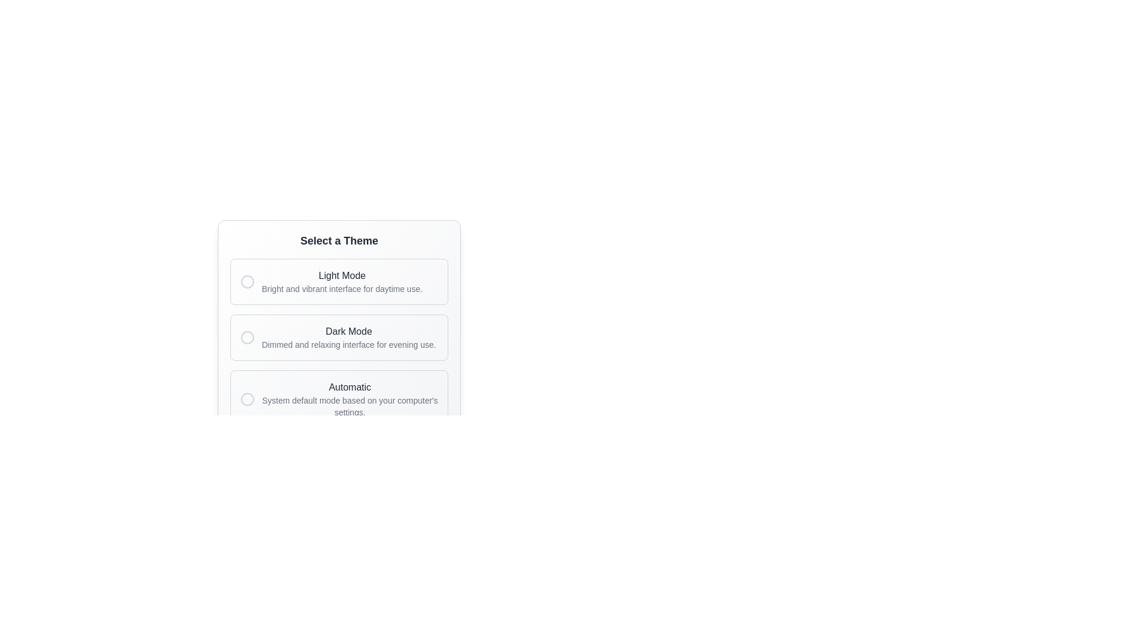 This screenshot has width=1140, height=641. I want to click on the state of the selected radio button's inner circle located under the 'Select a Theme' section, specifically the 'Automatic' option, so click(247, 399).